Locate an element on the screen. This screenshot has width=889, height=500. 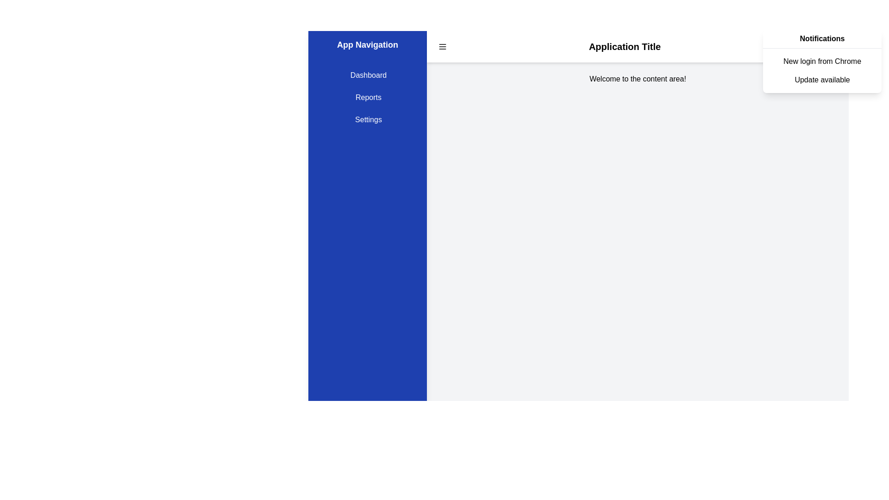
the Notification badge with a red background and the number '4' is located at coordinates (820, 46).